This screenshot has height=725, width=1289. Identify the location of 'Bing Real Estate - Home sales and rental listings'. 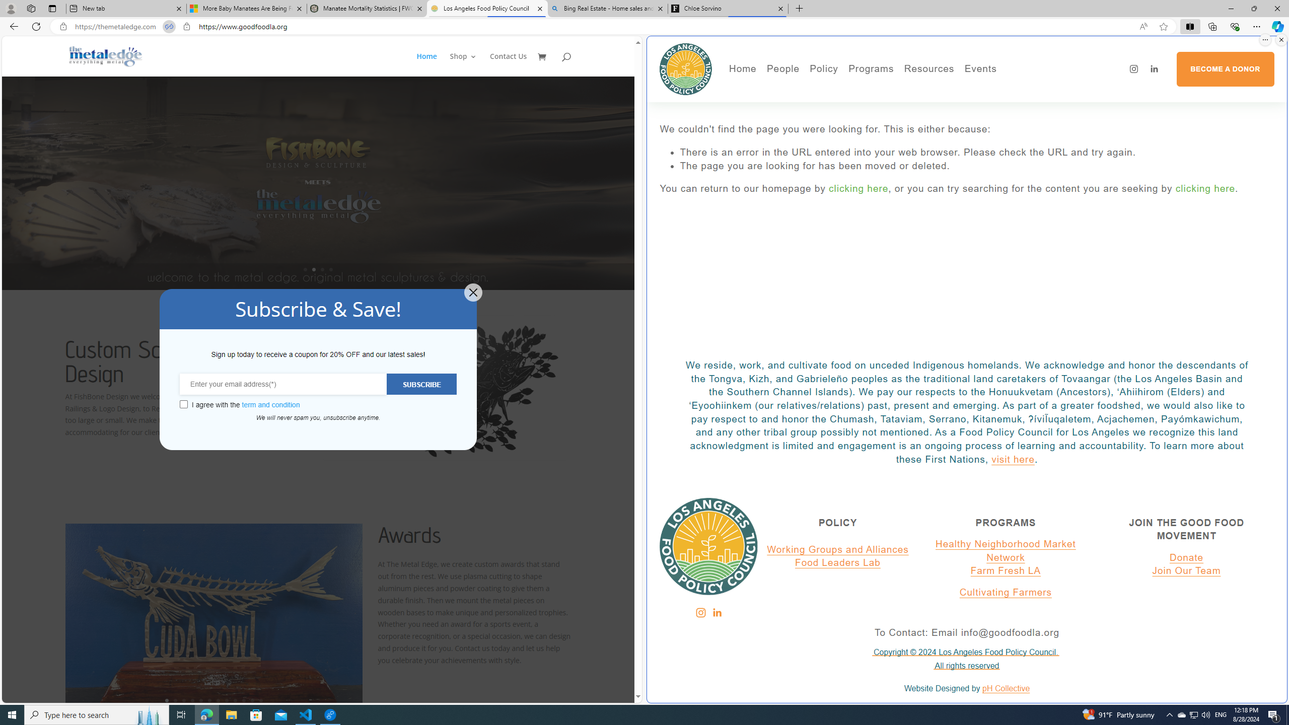
(606, 8).